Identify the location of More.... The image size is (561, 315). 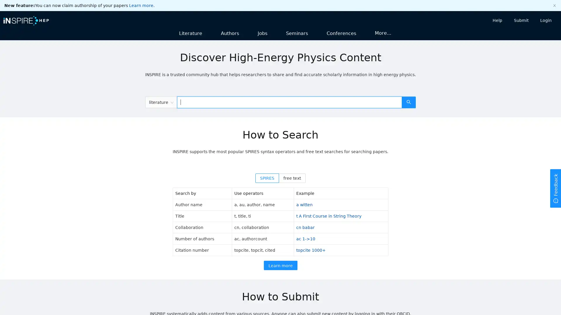
(383, 33).